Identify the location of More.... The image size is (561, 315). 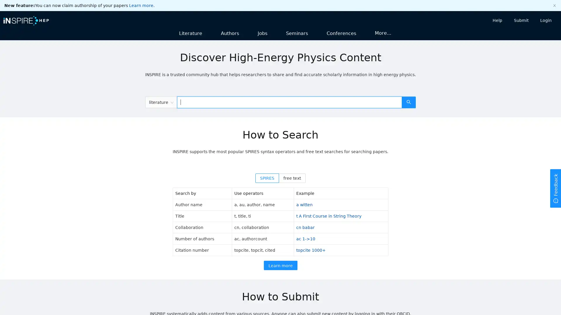
(383, 33).